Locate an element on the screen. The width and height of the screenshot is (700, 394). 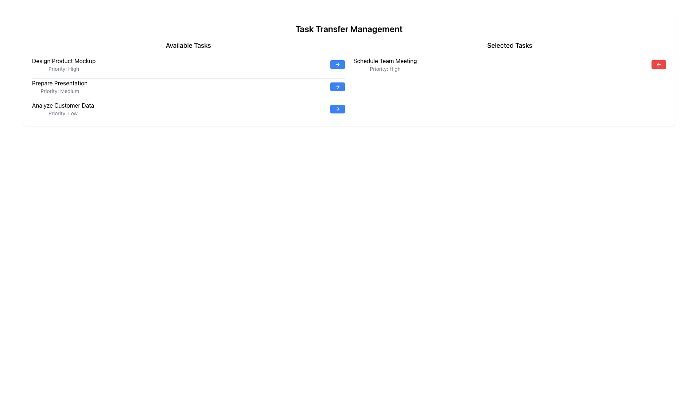
the triangular part of the rightward-pointing arrow icon in the 'Available Tasks' column next to the task 'Analyze Customer Data' is located at coordinates (338, 109).